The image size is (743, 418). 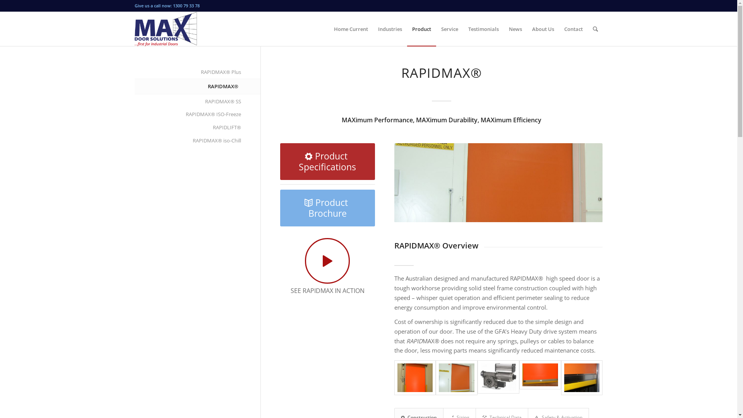 I want to click on 'Product Specifications', so click(x=280, y=161).